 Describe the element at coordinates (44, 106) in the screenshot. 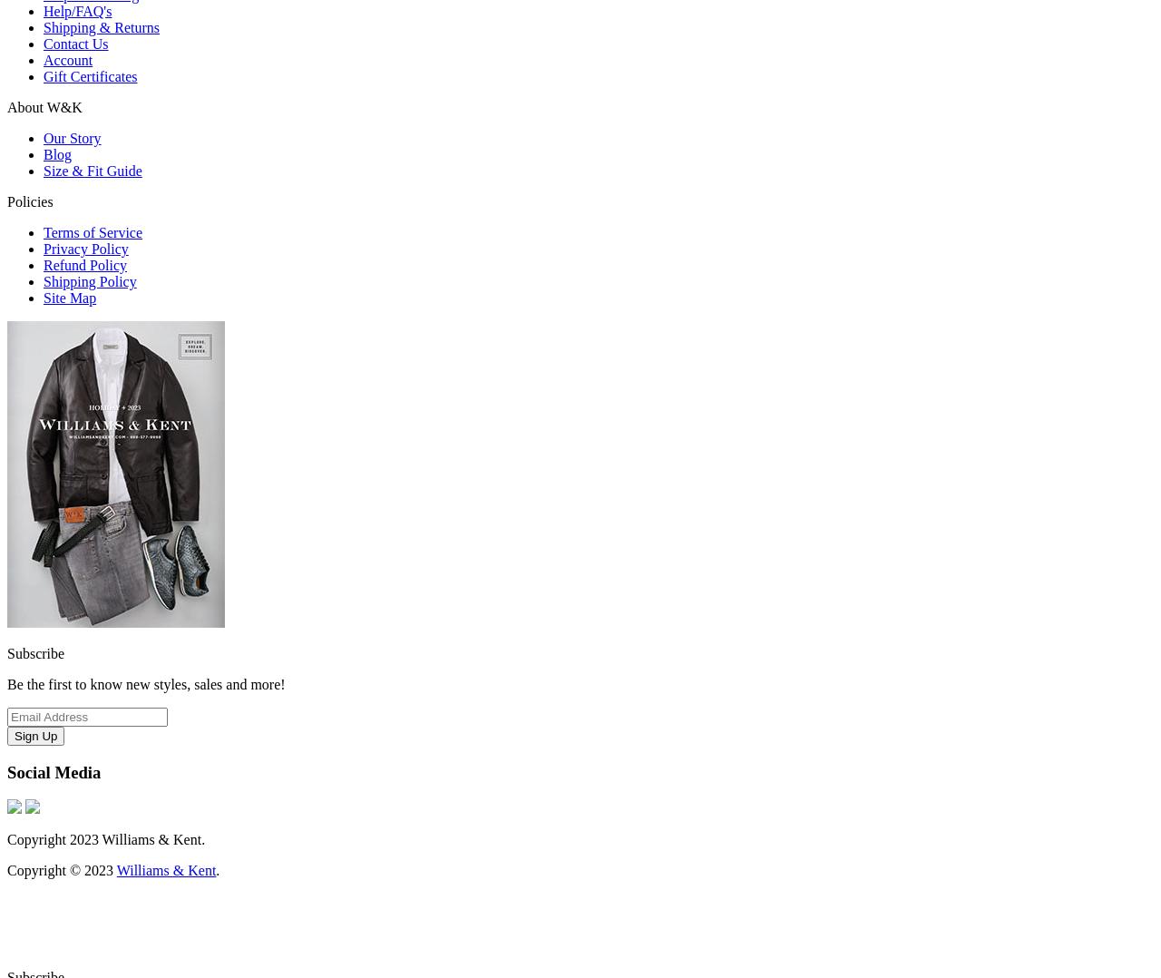

I see `'About W&K'` at that location.